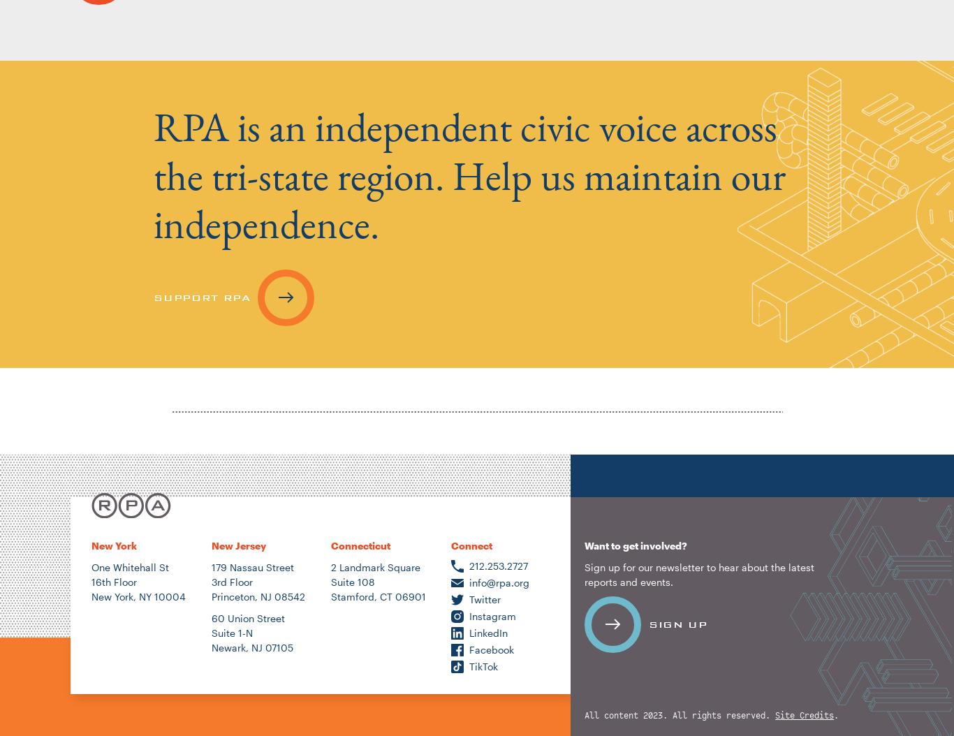  What do you see at coordinates (237, 545) in the screenshot?
I see `'New Jersey'` at bounding box center [237, 545].